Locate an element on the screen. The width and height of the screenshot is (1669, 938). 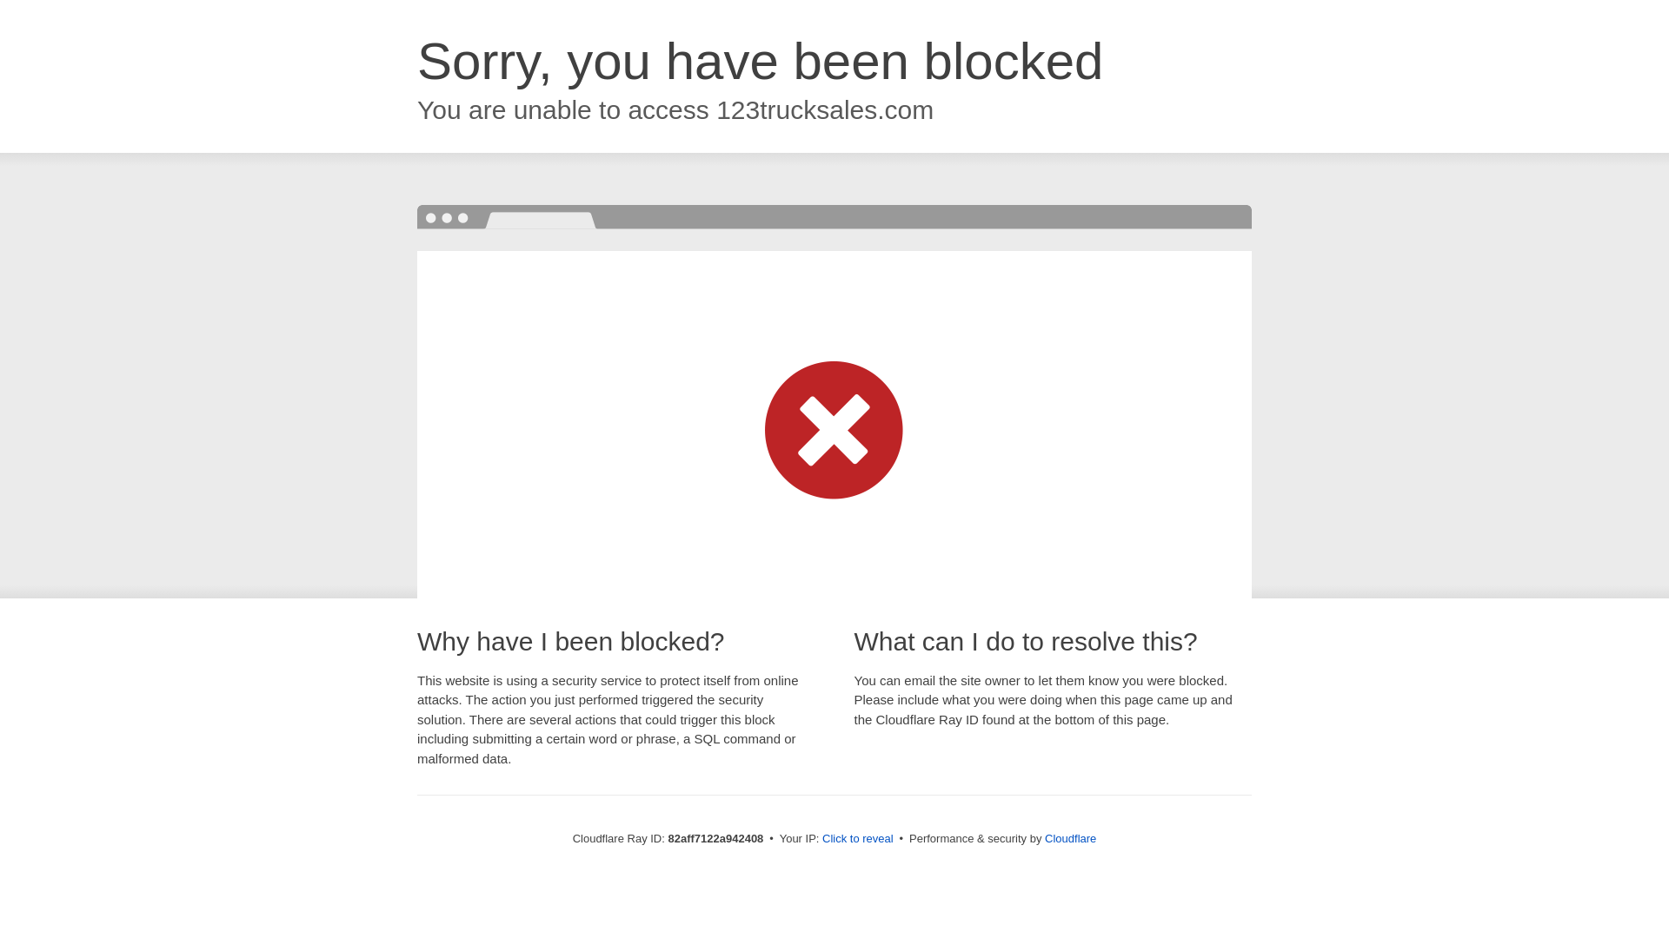
'Cloudflare' is located at coordinates (1069, 837).